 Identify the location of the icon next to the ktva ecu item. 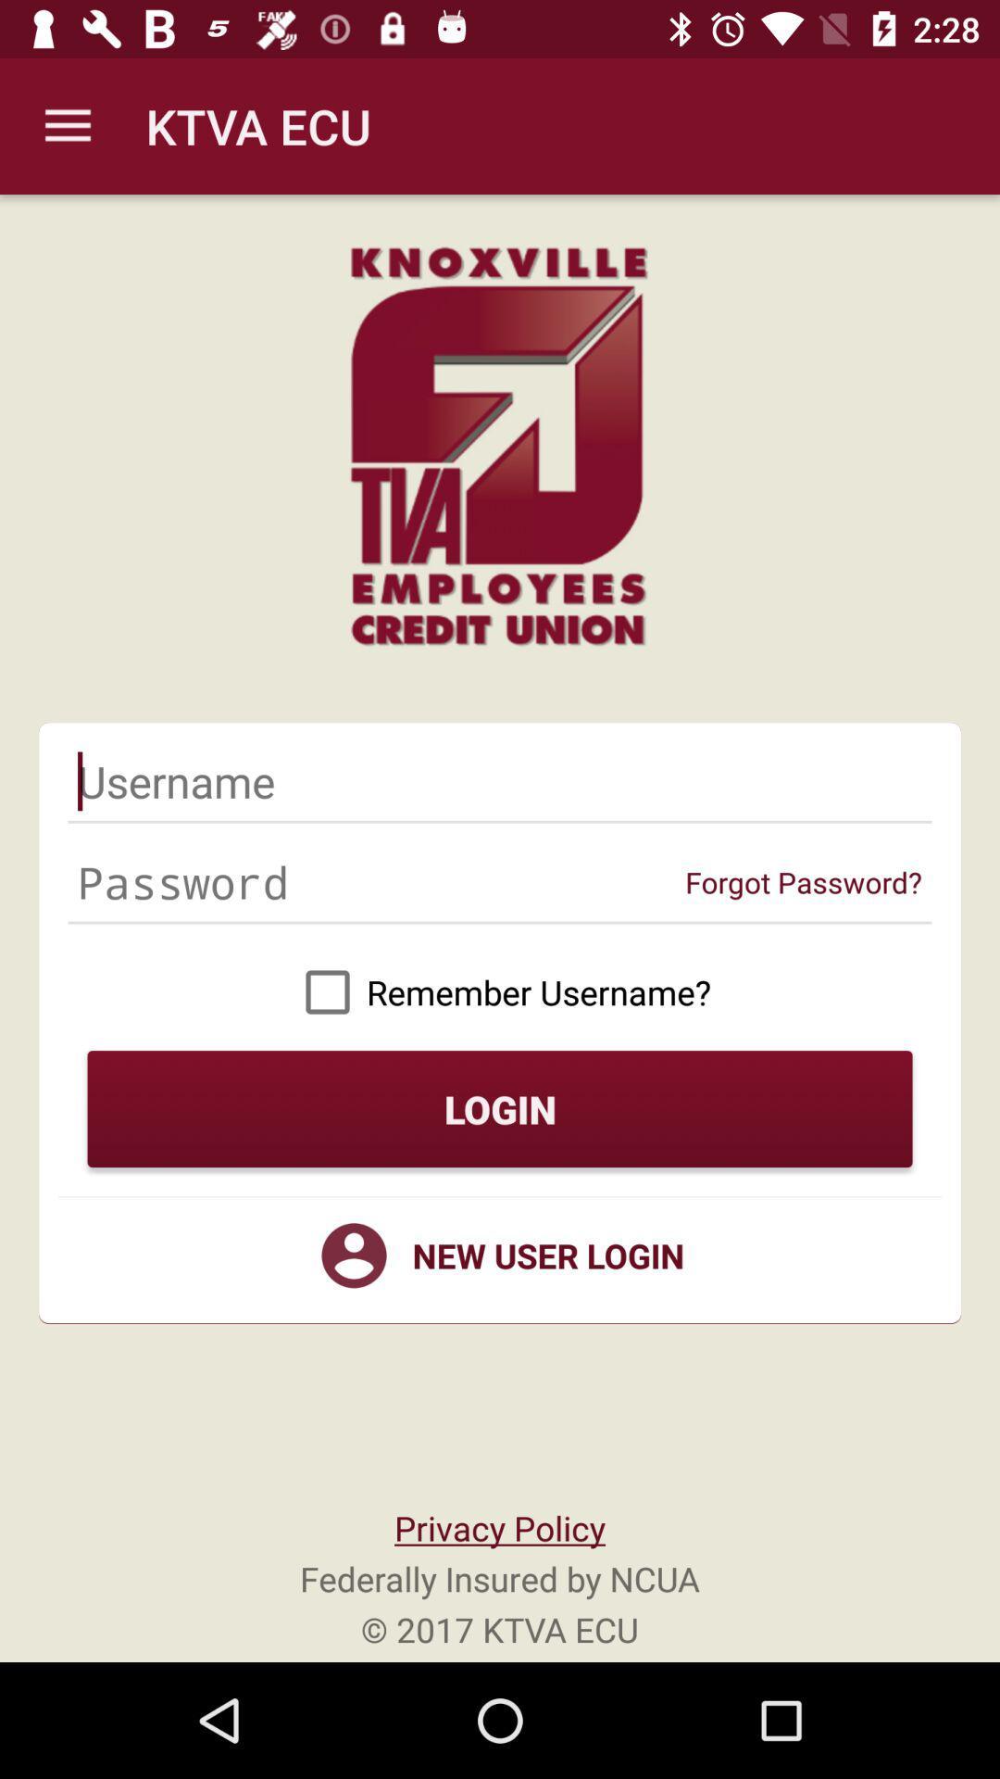
(67, 125).